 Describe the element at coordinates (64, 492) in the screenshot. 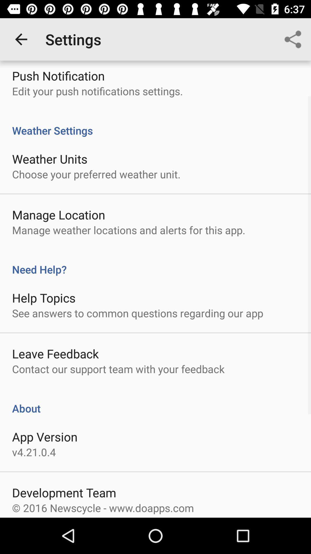

I see `development team item` at that location.